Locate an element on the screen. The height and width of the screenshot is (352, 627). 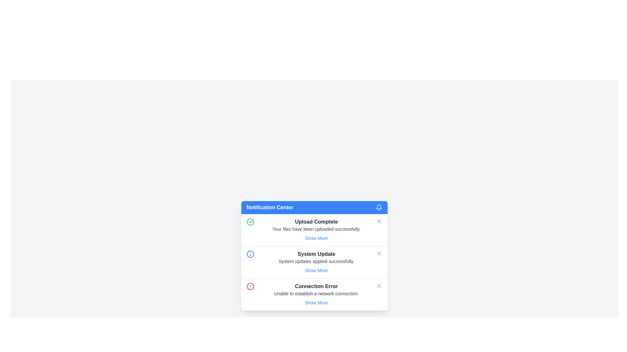
the first notification card in the Notification Center is located at coordinates (314, 229).